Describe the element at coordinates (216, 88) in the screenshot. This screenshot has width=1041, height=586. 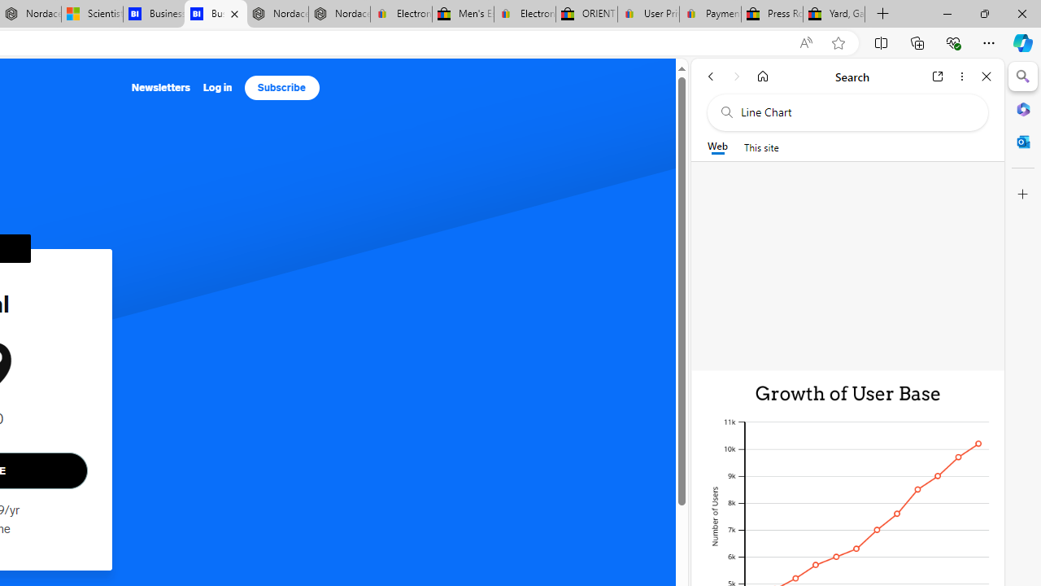
I see `'Log in'` at that location.